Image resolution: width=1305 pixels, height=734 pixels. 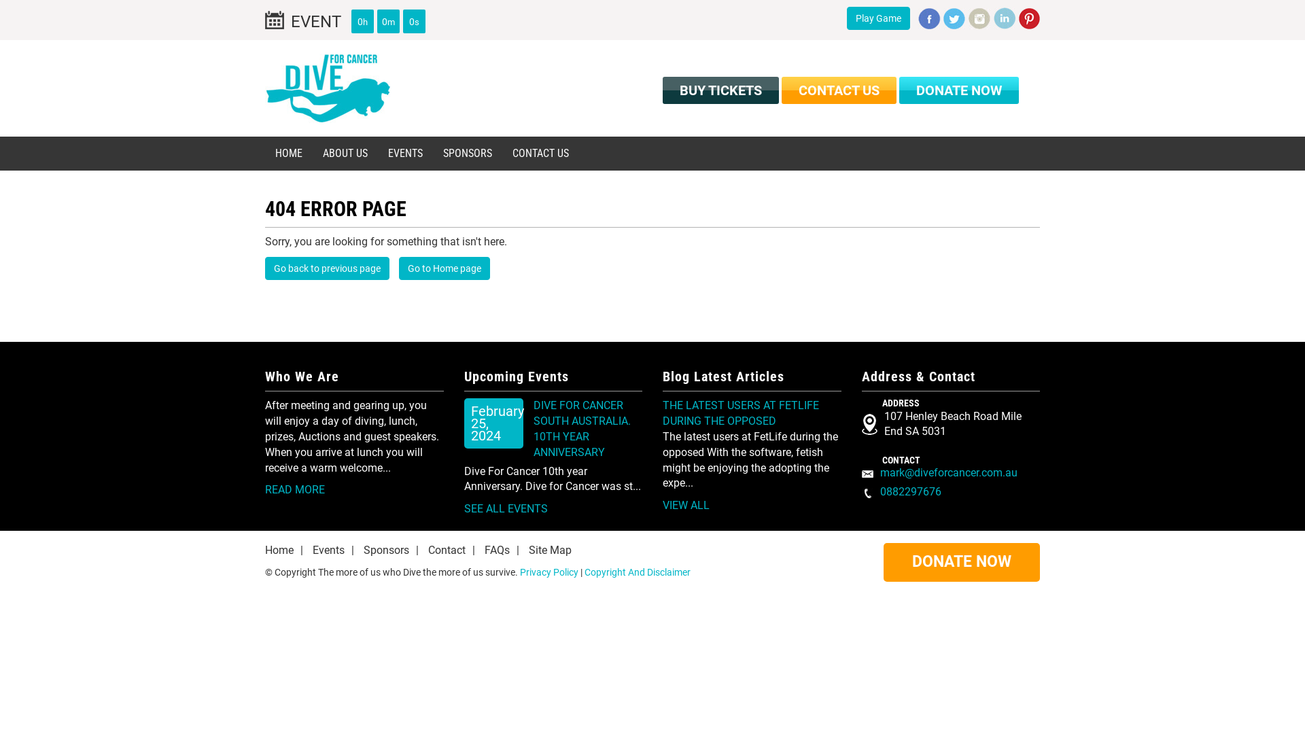 What do you see at coordinates (404, 153) in the screenshot?
I see `'EVENTS'` at bounding box center [404, 153].